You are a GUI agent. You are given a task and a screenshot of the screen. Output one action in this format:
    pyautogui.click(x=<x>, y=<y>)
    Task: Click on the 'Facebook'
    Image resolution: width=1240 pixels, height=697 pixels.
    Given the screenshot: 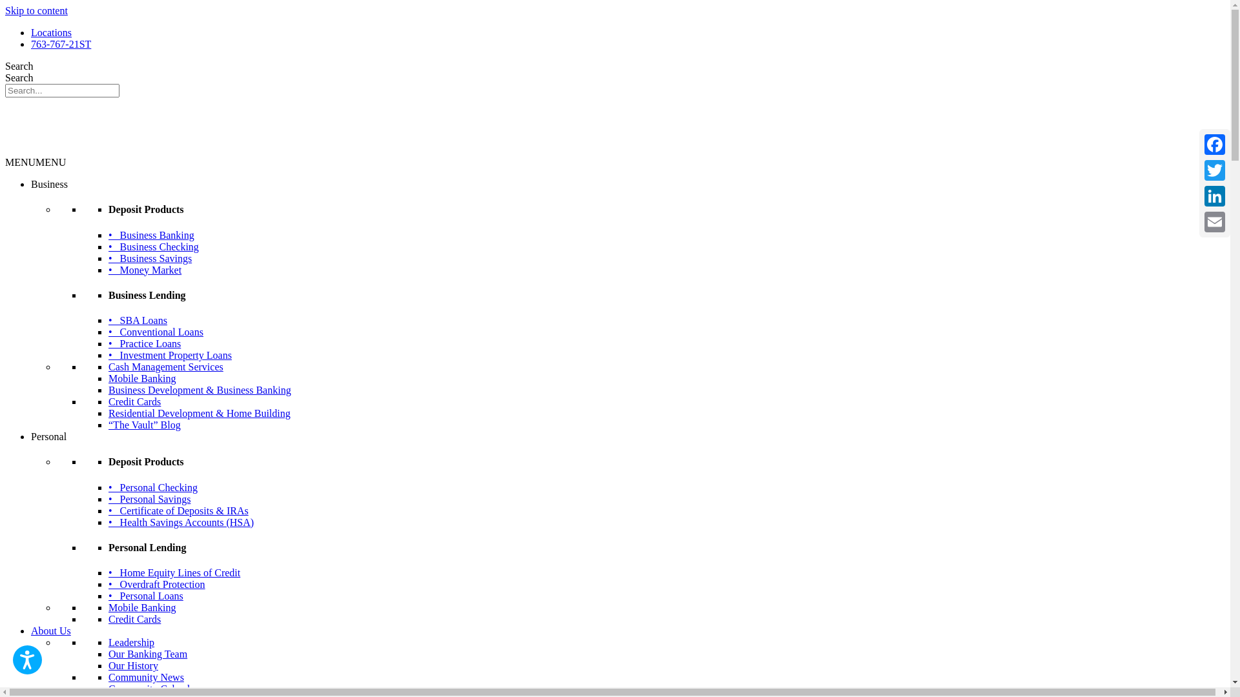 What is the action you would take?
    pyautogui.click(x=1214, y=144)
    